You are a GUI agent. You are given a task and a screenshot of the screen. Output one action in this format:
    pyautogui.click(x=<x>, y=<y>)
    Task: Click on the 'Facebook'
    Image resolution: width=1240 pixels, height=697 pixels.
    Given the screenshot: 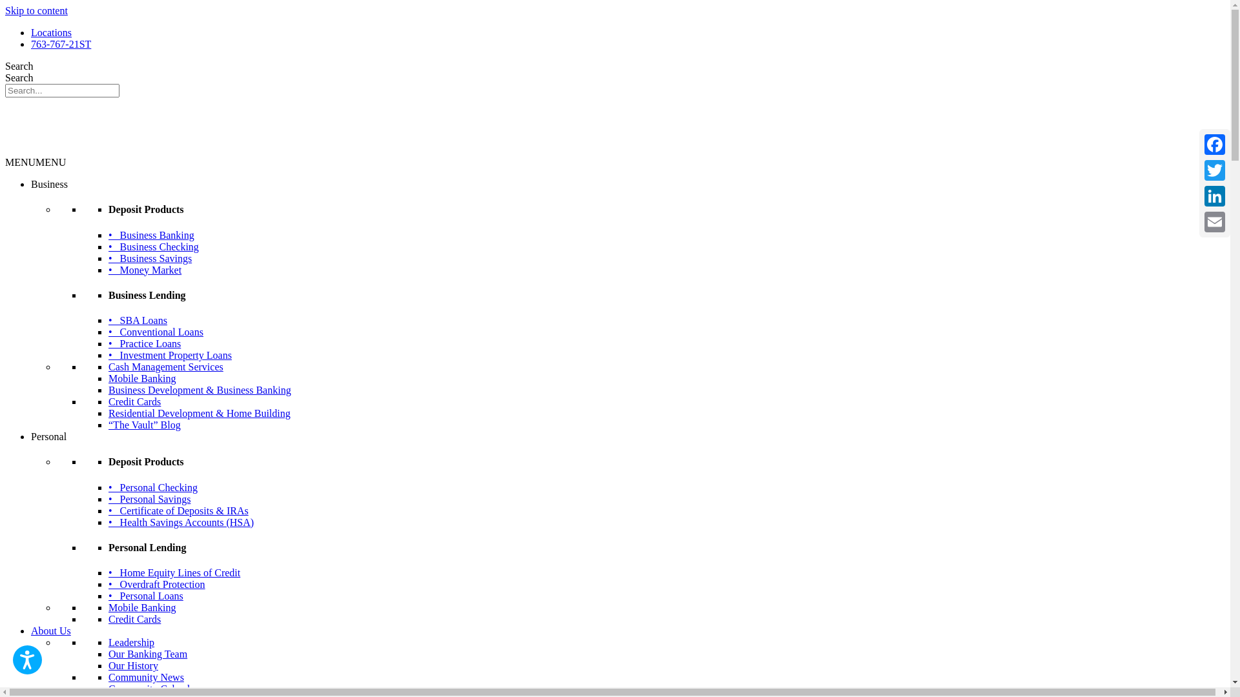 What is the action you would take?
    pyautogui.click(x=1214, y=144)
    